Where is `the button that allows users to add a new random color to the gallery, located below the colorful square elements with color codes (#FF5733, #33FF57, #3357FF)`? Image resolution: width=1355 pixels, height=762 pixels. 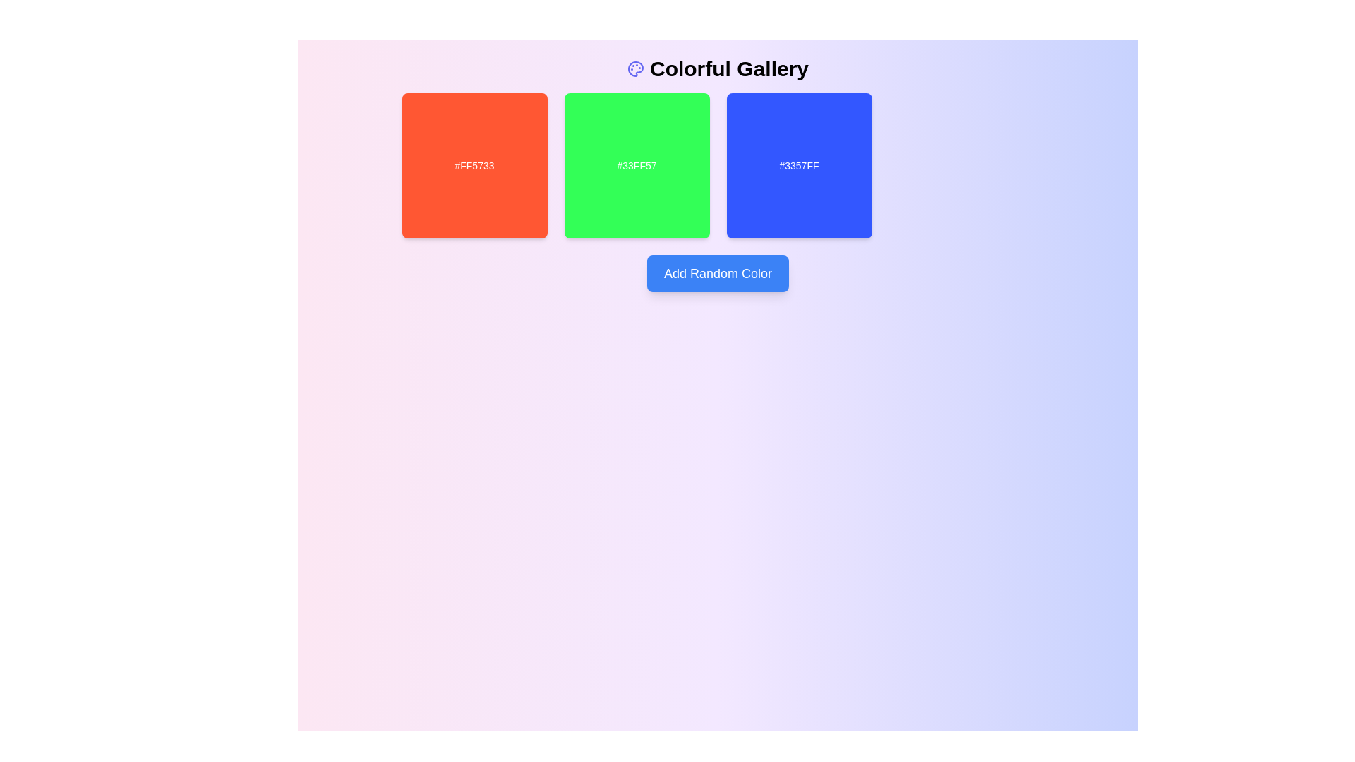
the button that allows users to add a new random color to the gallery, located below the colorful square elements with color codes (#FF5733, #33FF57, #3357FF) is located at coordinates (718, 274).